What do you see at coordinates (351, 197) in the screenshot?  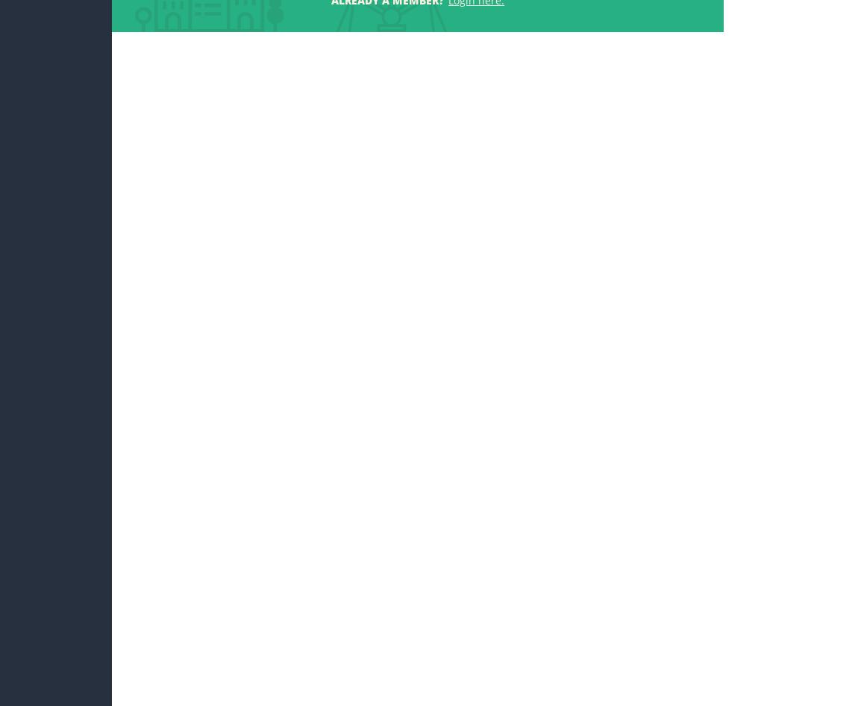 I see `'12. Jun 2017, 09:25'` at bounding box center [351, 197].